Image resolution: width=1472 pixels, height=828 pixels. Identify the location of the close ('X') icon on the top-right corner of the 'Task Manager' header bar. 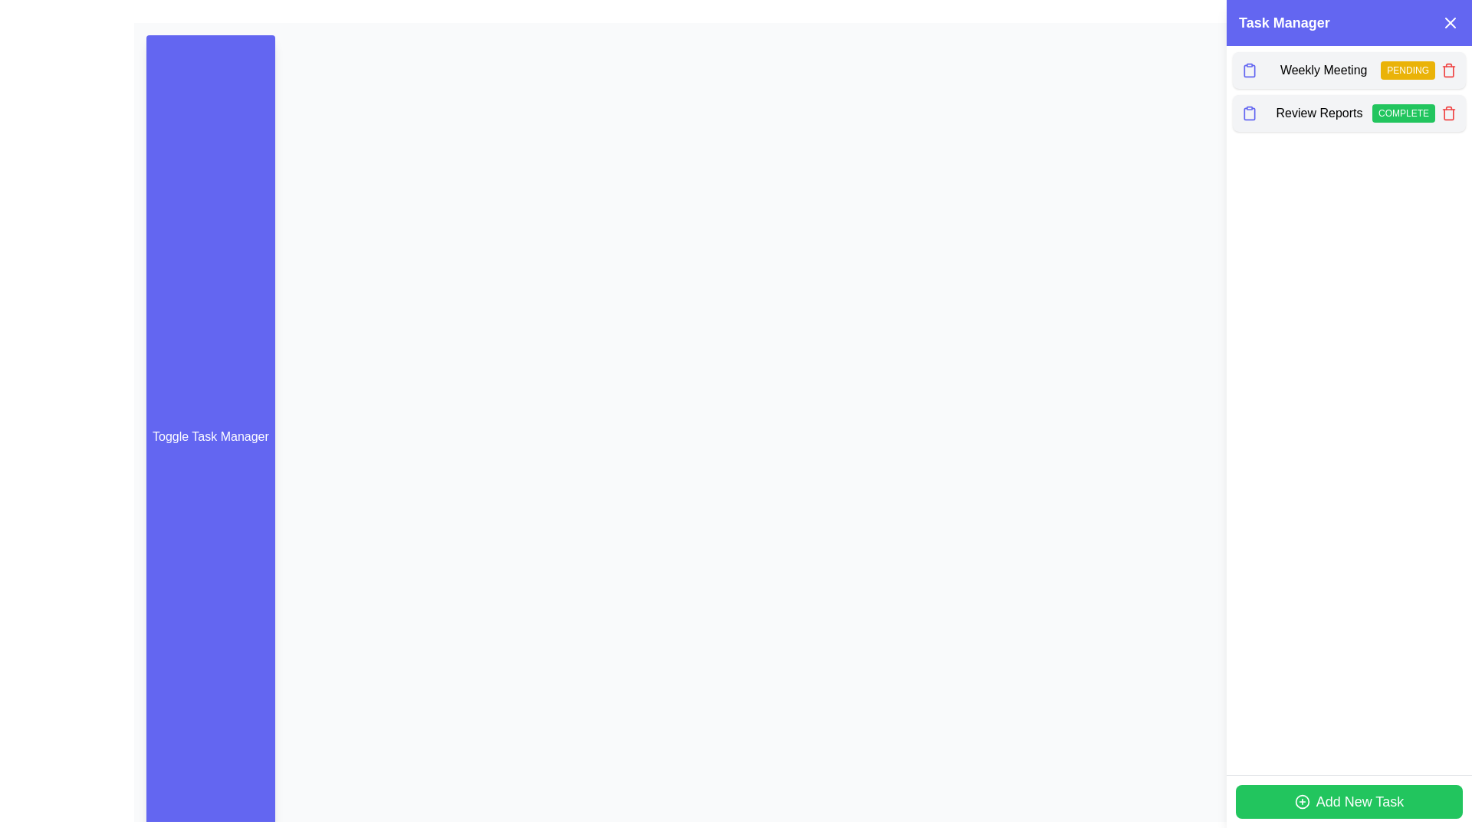
(1449, 23).